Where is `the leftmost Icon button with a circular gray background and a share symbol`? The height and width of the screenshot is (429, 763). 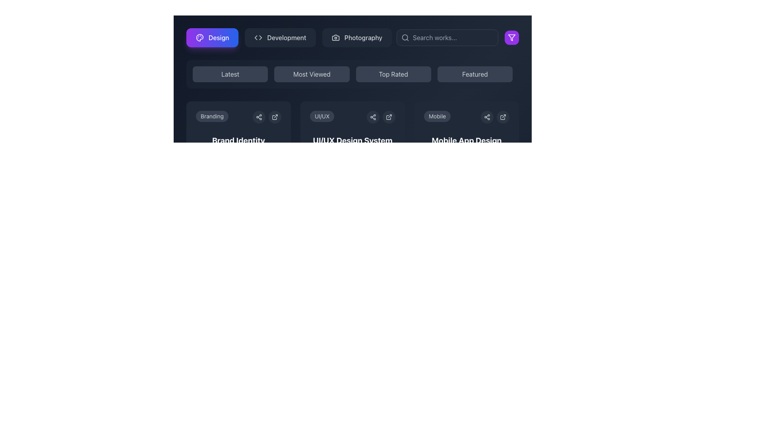 the leftmost Icon button with a circular gray background and a share symbol is located at coordinates (486, 117).